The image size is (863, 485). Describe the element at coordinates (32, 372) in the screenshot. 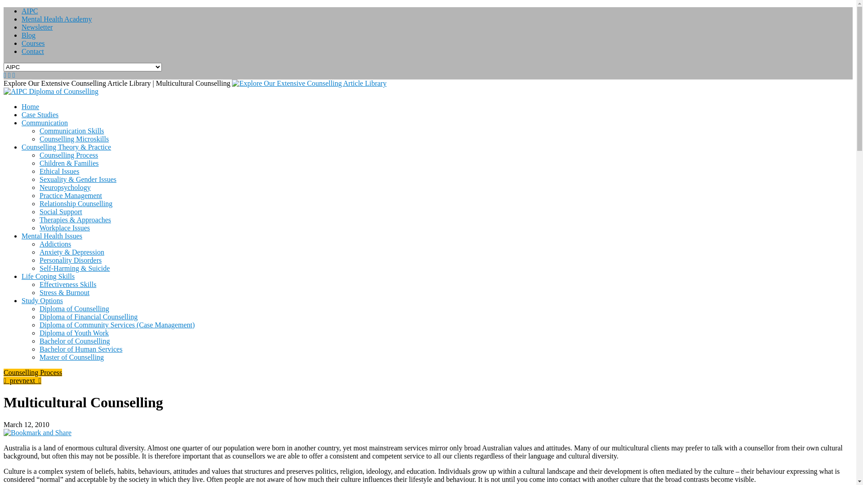

I see `'Counselling Process'` at that location.